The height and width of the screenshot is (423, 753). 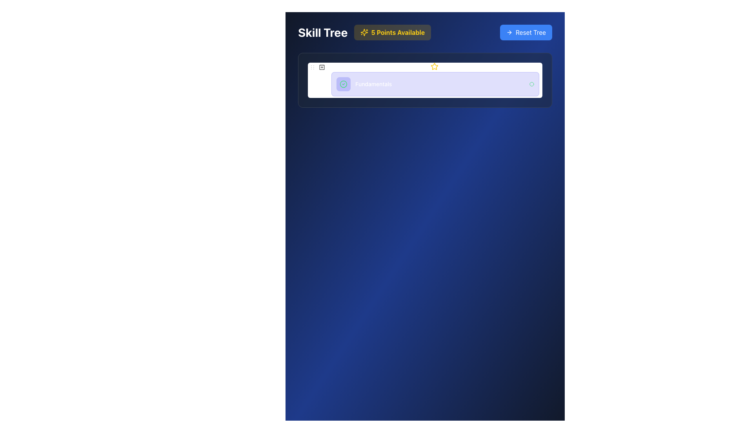 I want to click on the star icon used for marking items as favorites or rating components, located in the middle of the skill tree interface near the 'Fundamentals' label and above the skill box, so click(x=434, y=66).